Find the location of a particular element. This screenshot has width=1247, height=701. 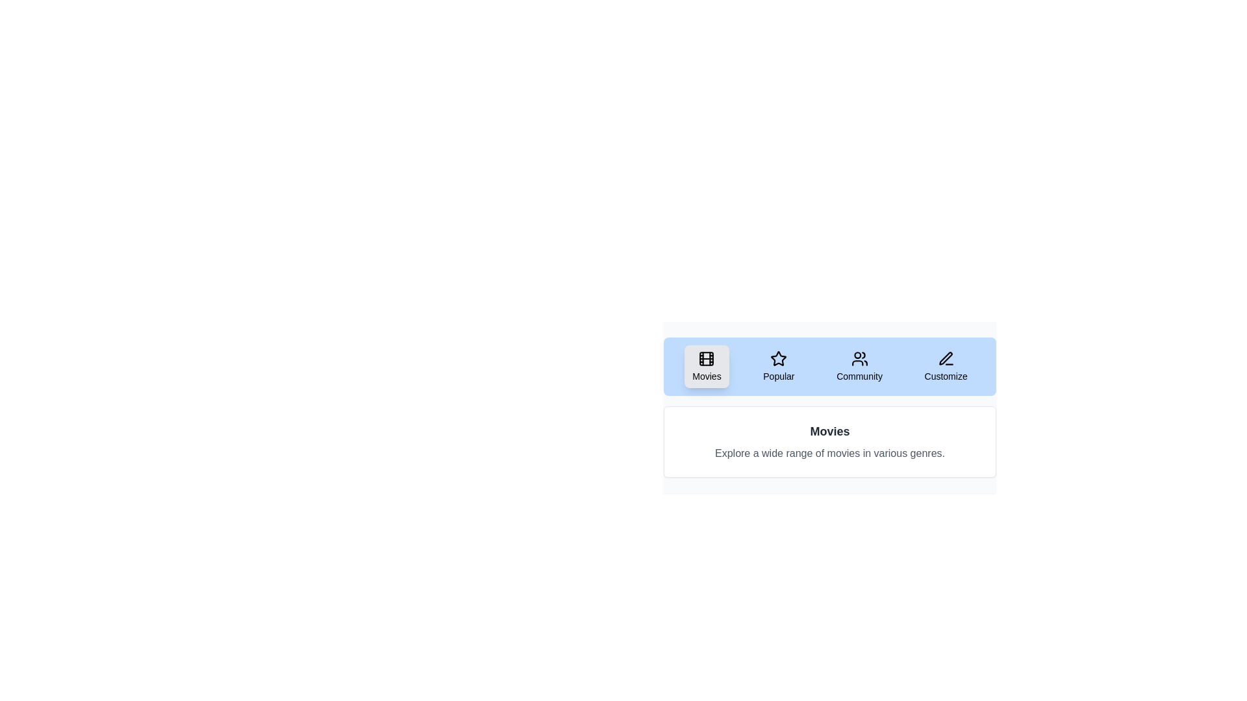

the tab labeled Popular to switch the displayed content is located at coordinates (779, 366).